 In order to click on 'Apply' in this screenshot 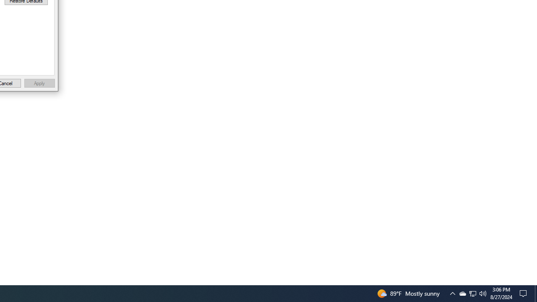, I will do `click(39, 83)`.